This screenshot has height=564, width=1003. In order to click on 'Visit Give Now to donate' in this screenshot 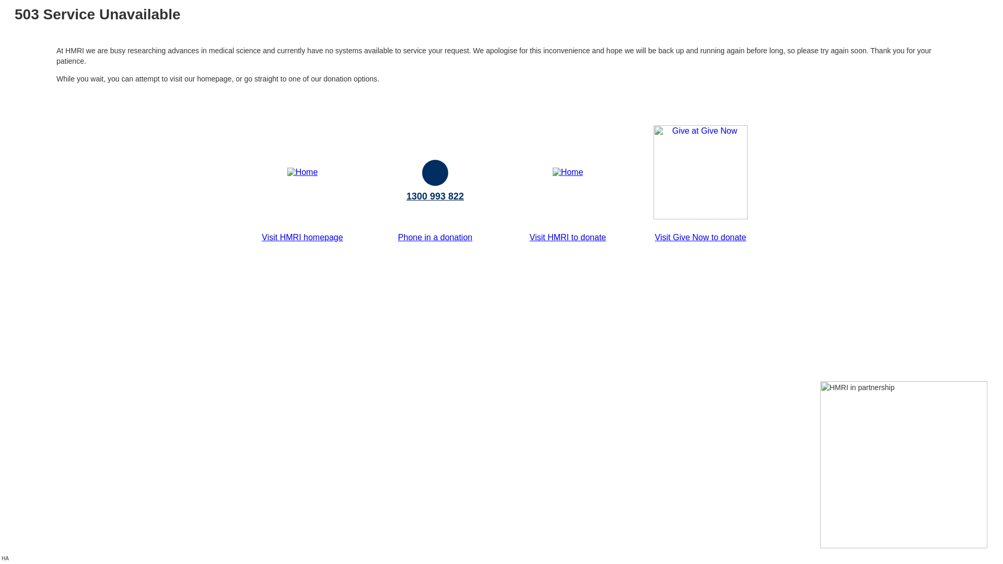, I will do `click(701, 237)`.